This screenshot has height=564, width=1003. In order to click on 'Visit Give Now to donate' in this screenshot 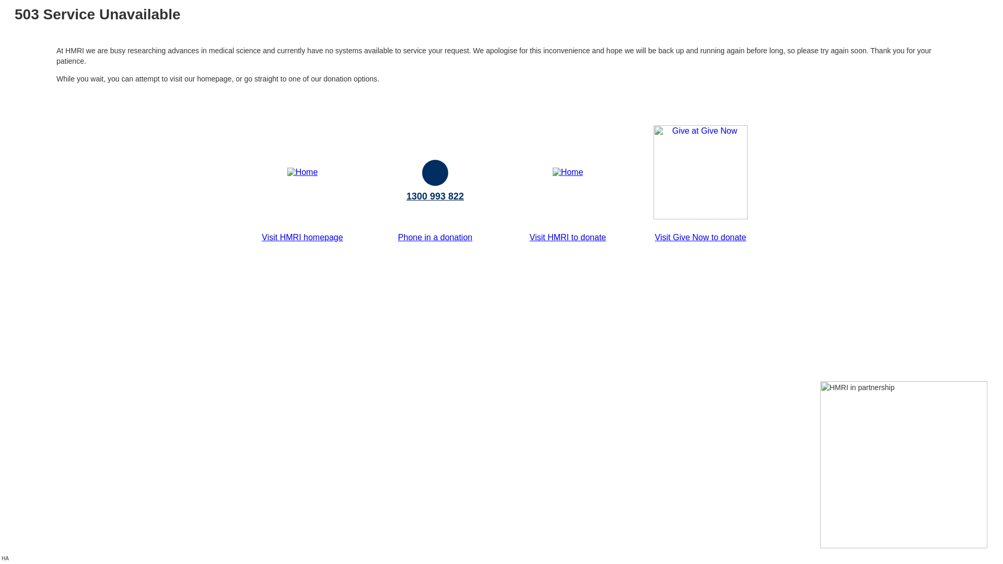, I will do `click(701, 237)`.